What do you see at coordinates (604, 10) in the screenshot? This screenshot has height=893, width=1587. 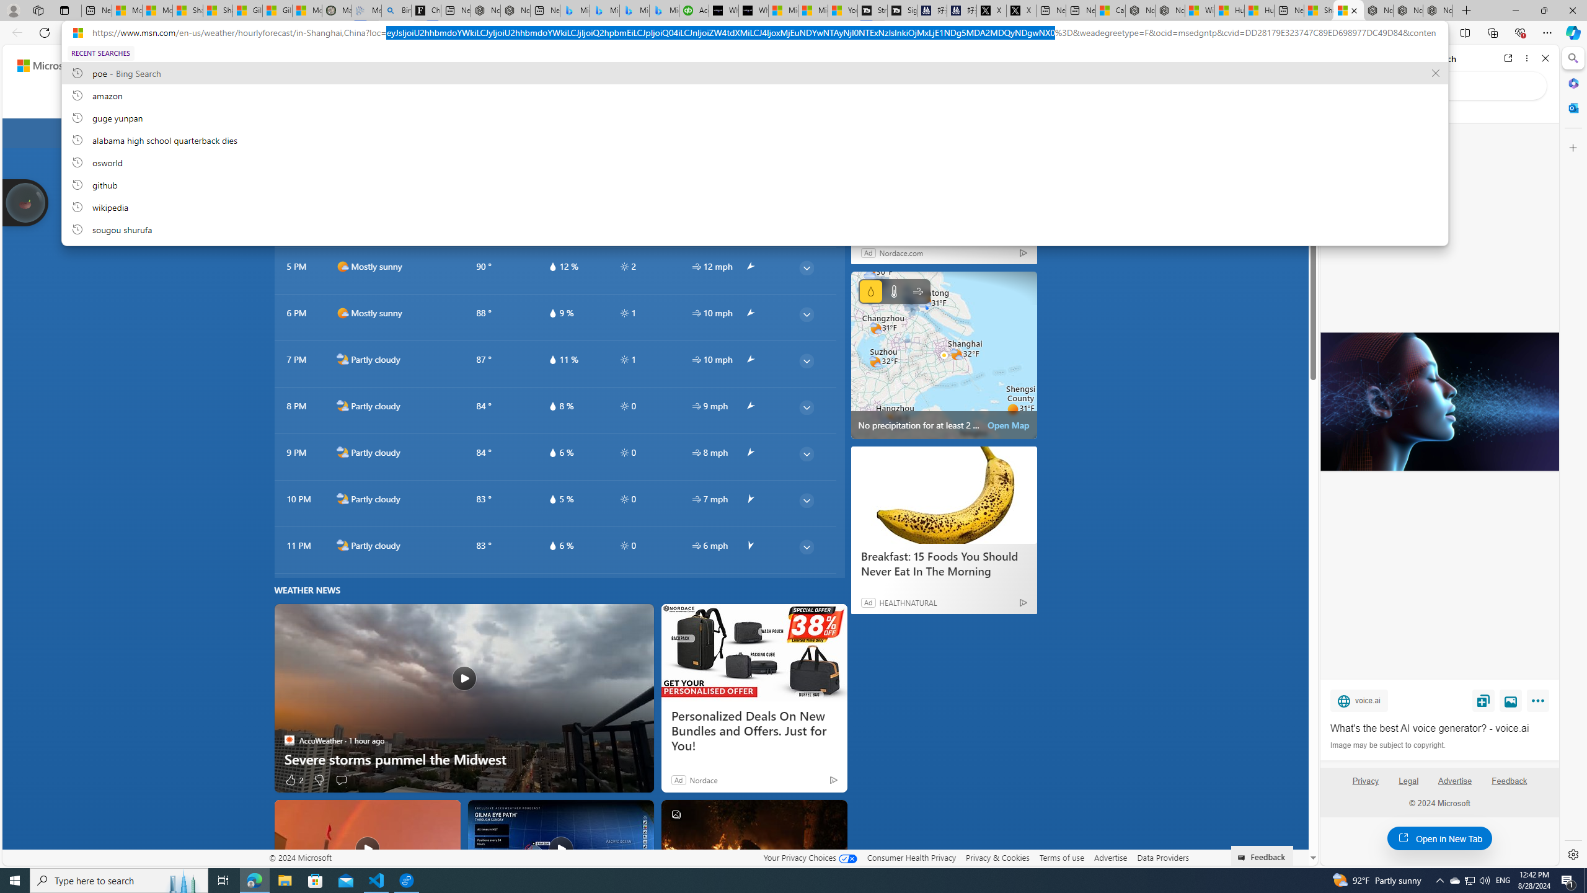 I see `'Microsoft Bing Travel - Stays in Bangkok, Bangkok, Thailand'` at bounding box center [604, 10].